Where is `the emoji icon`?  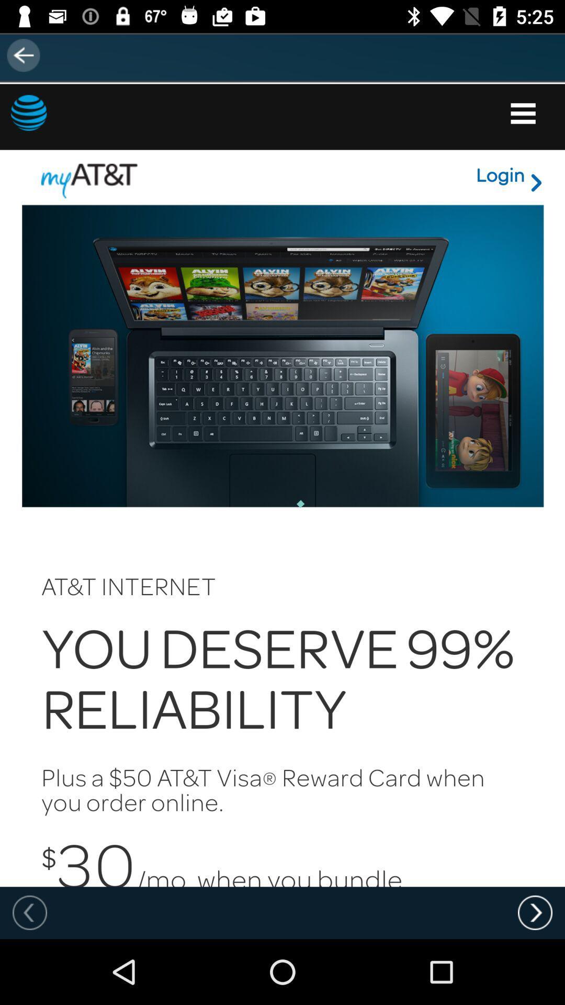 the emoji icon is located at coordinates (69, 126).